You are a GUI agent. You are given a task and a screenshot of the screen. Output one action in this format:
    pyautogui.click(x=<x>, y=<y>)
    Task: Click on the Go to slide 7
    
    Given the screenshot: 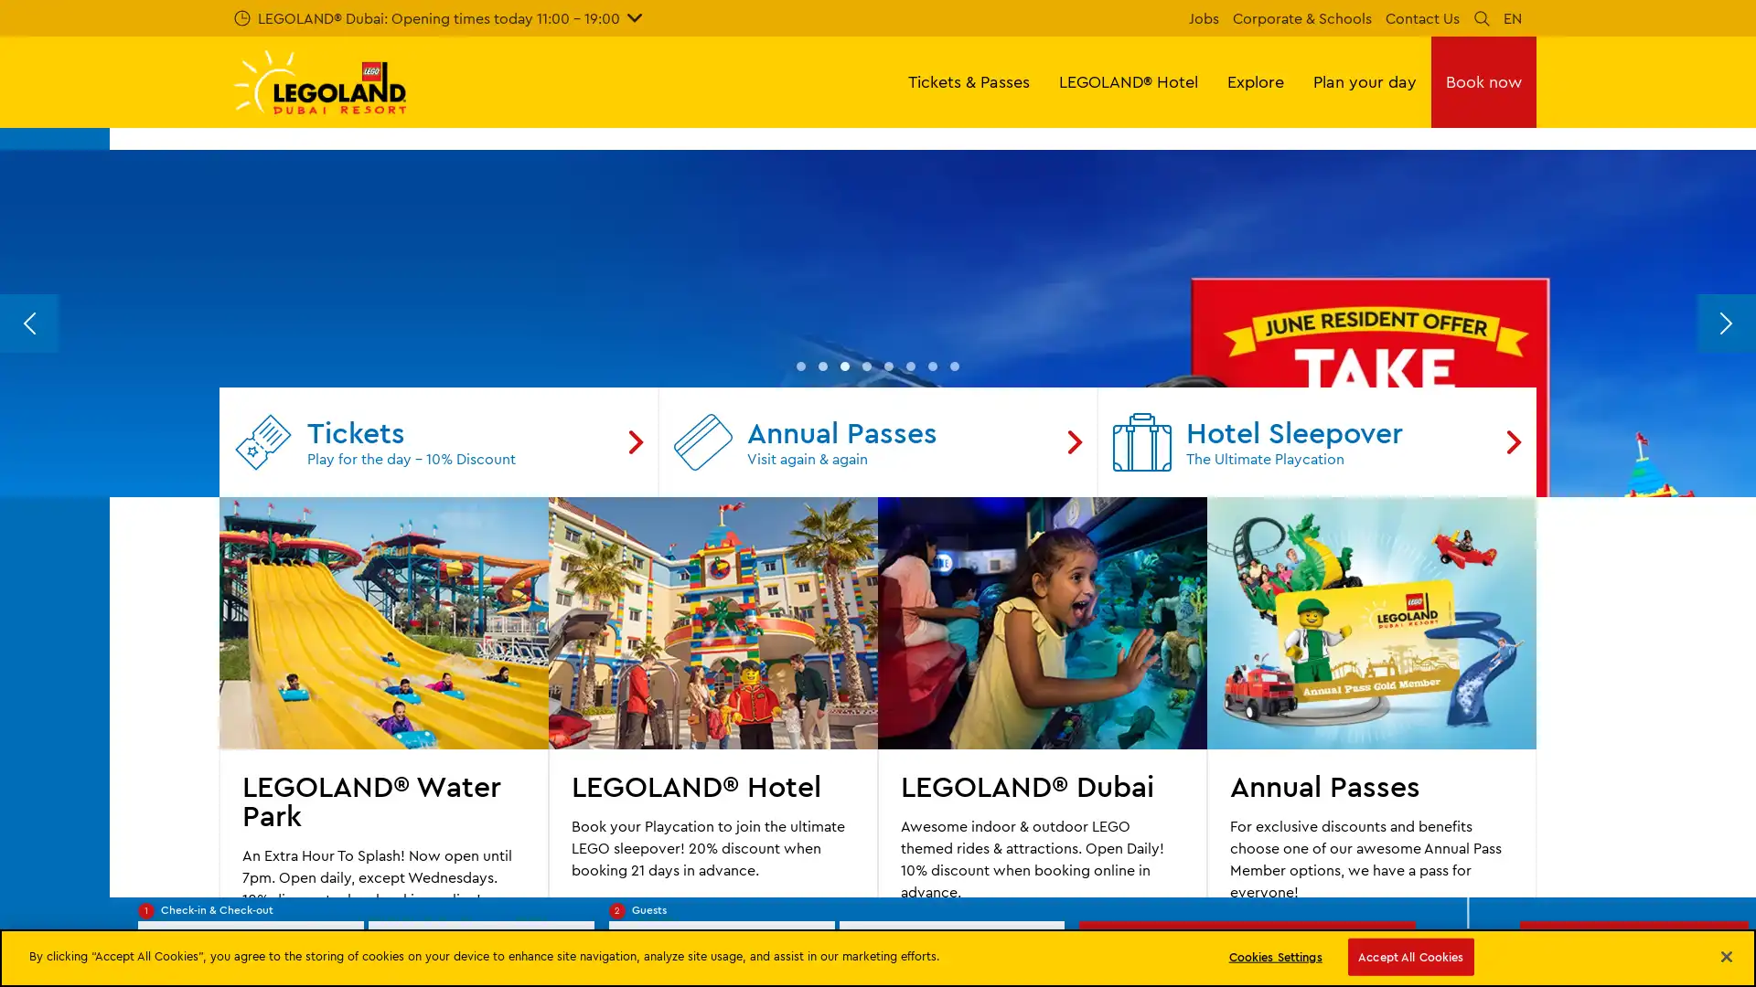 What is the action you would take?
    pyautogui.click(x=932, y=728)
    